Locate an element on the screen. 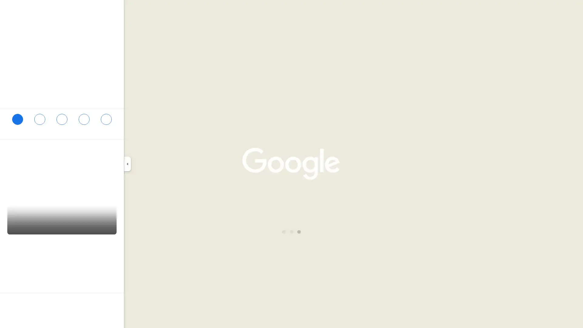 The height and width of the screenshot is (328, 583). Search is located at coordinates (96, 9).